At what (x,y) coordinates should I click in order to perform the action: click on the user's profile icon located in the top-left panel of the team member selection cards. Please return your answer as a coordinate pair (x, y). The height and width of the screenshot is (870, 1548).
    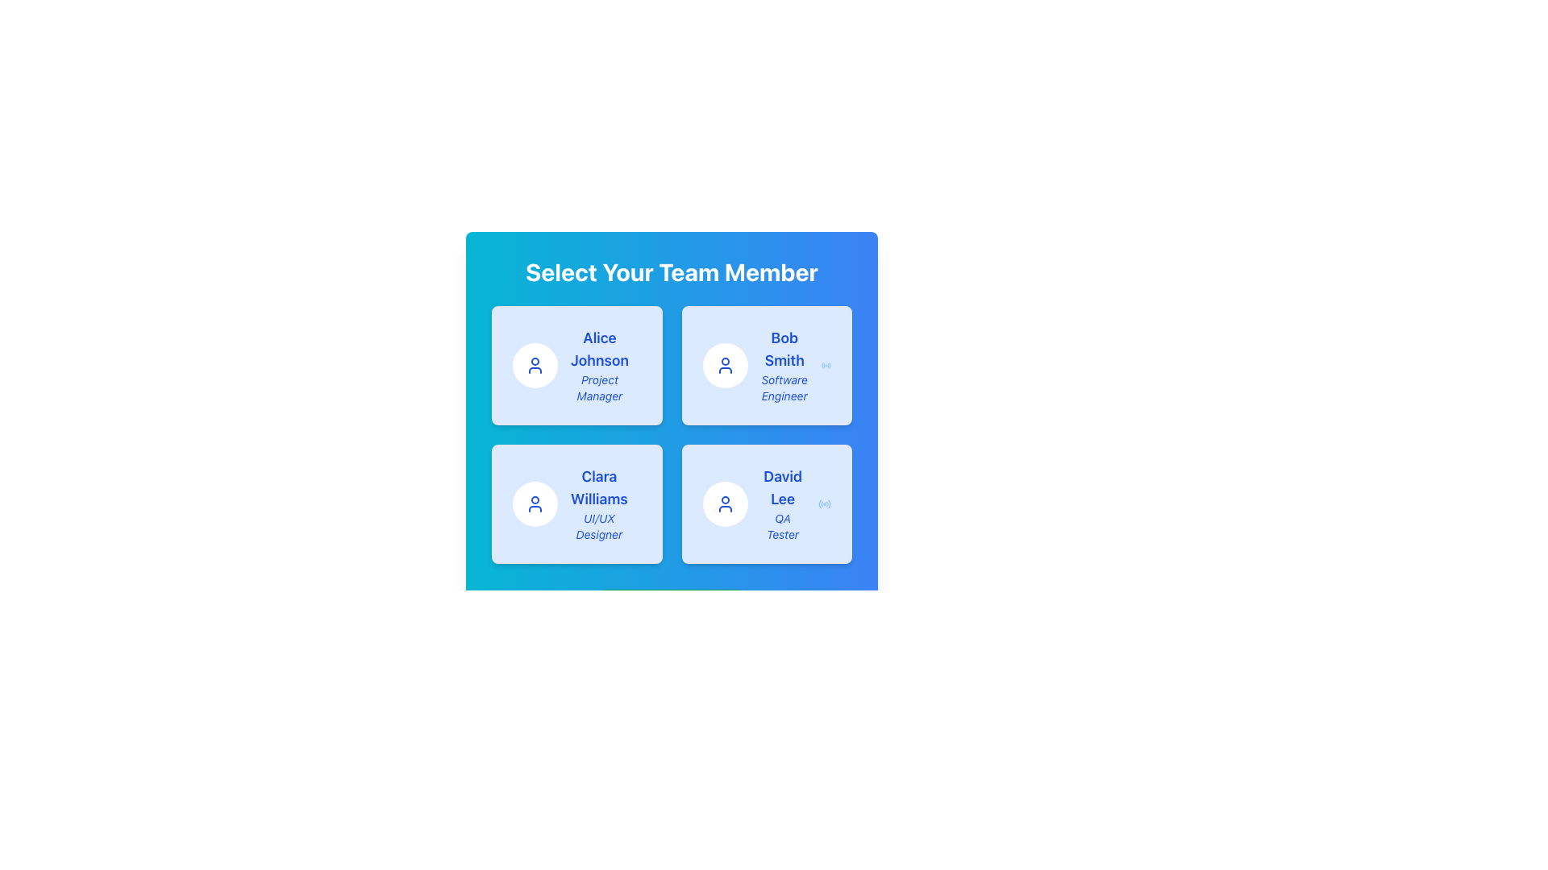
    Looking at the image, I should click on (535, 503).